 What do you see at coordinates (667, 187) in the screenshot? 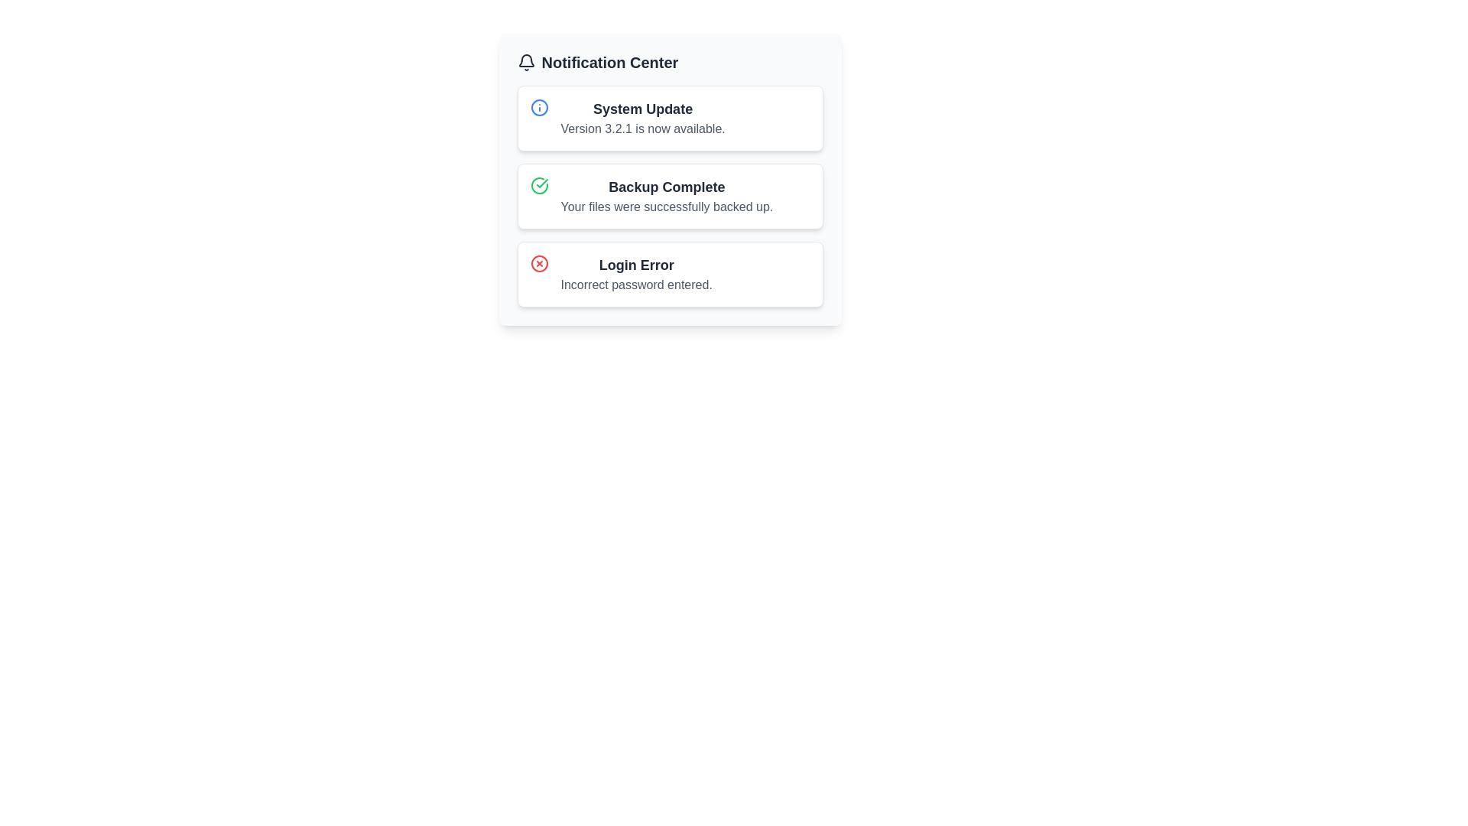
I see `the Text Label that indicates the successful completion of a backup in the second notification card of the Notification Center` at bounding box center [667, 187].